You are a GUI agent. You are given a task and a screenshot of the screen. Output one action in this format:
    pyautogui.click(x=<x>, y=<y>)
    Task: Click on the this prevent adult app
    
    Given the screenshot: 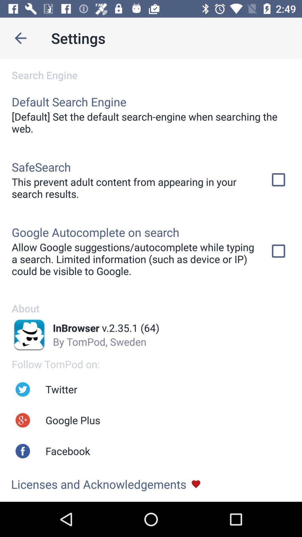 What is the action you would take?
    pyautogui.click(x=133, y=188)
    